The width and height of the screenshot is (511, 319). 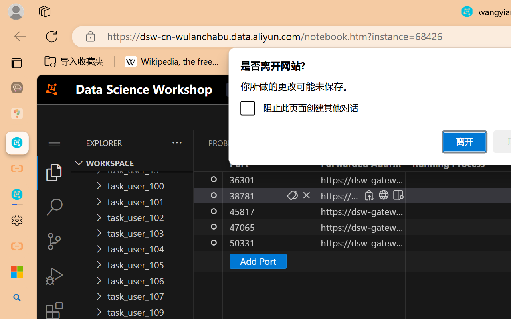 I want to click on 'Explorer actions', so click(x=156, y=143).